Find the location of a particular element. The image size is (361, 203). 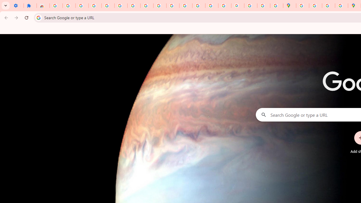

'Google Maps' is located at coordinates (289, 6).